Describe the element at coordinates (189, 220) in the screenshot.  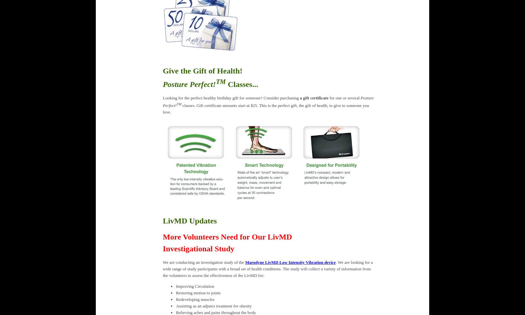
I see `'LivMD Updates'` at that location.